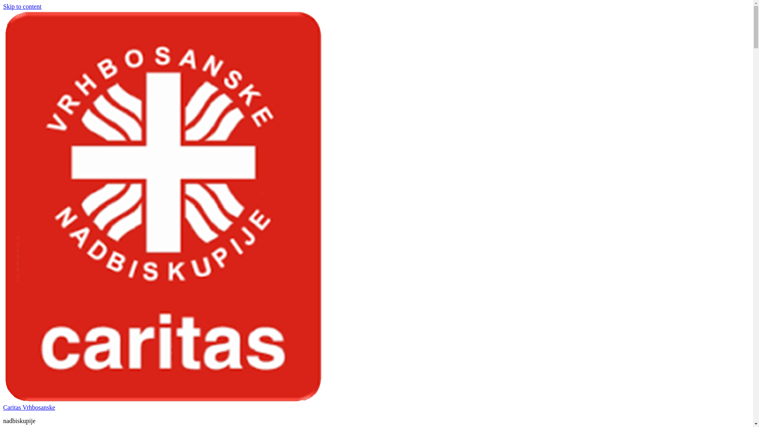 The image size is (759, 427). I want to click on 'Skip to content', so click(22, 6).